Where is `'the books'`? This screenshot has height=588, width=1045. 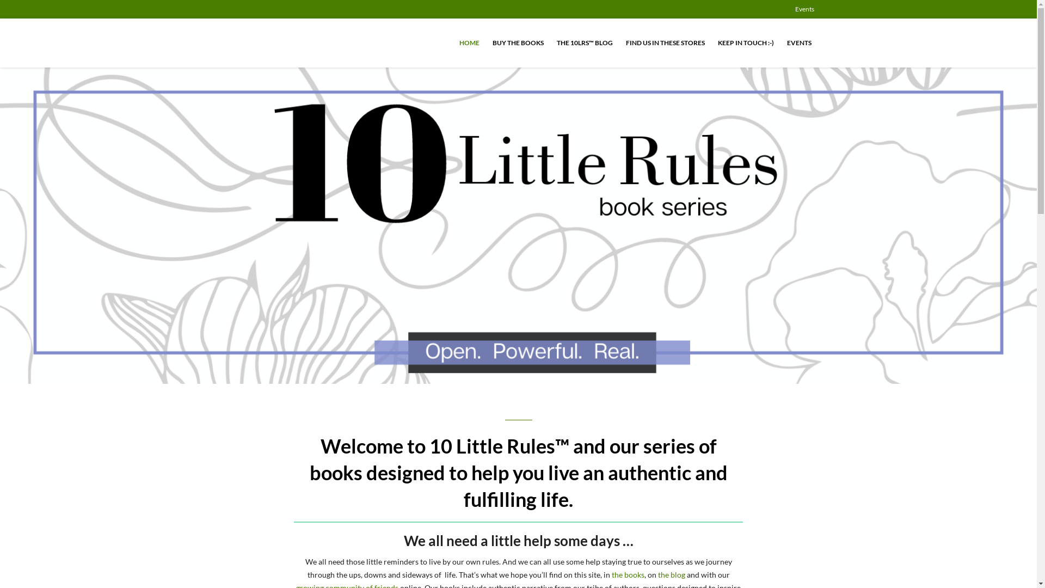
'the books' is located at coordinates (628, 574).